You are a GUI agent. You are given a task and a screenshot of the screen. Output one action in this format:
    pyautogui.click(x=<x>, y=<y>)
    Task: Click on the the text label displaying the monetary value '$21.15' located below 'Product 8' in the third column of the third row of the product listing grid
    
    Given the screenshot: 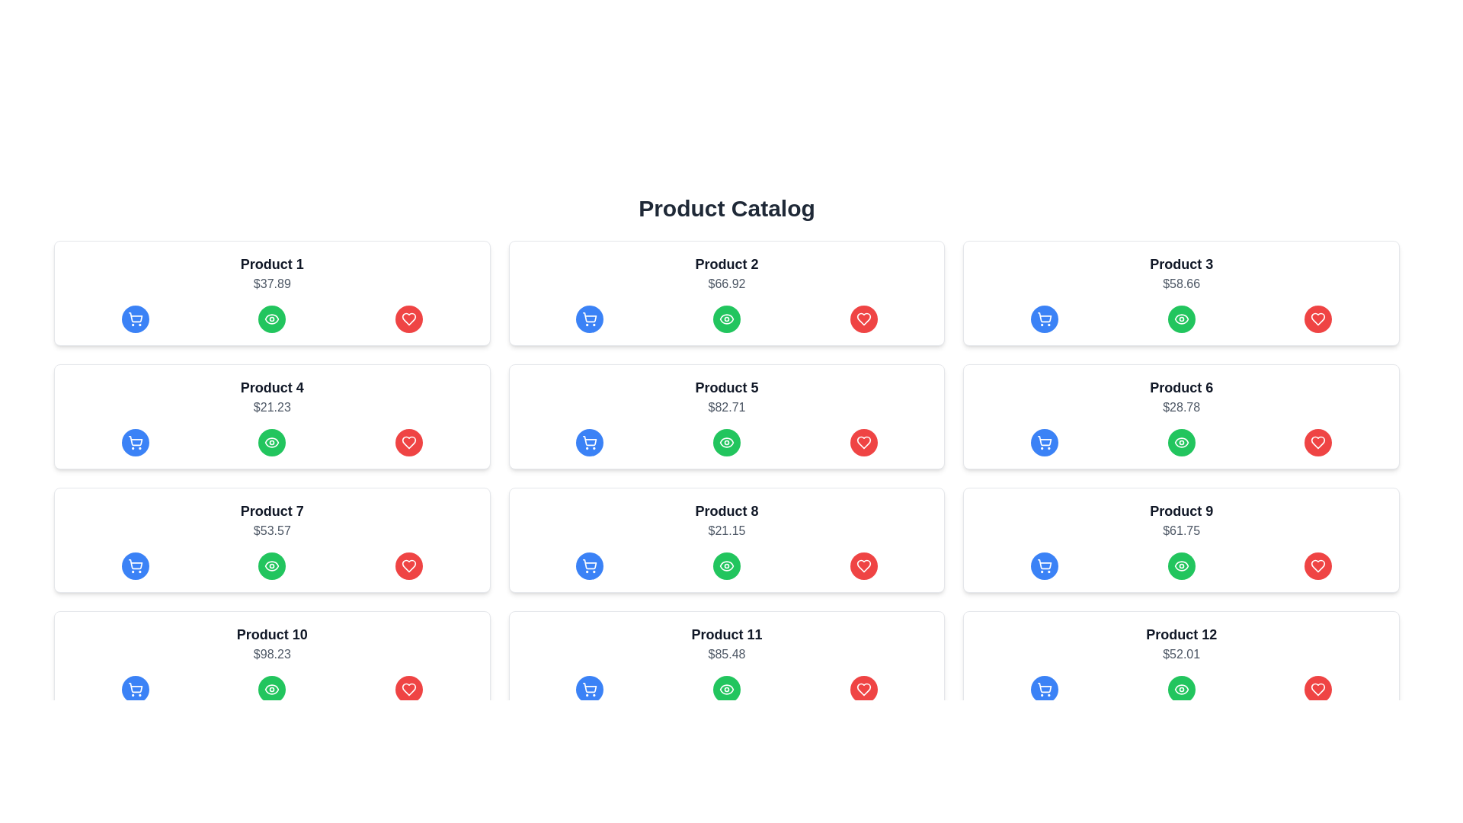 What is the action you would take?
    pyautogui.click(x=726, y=530)
    